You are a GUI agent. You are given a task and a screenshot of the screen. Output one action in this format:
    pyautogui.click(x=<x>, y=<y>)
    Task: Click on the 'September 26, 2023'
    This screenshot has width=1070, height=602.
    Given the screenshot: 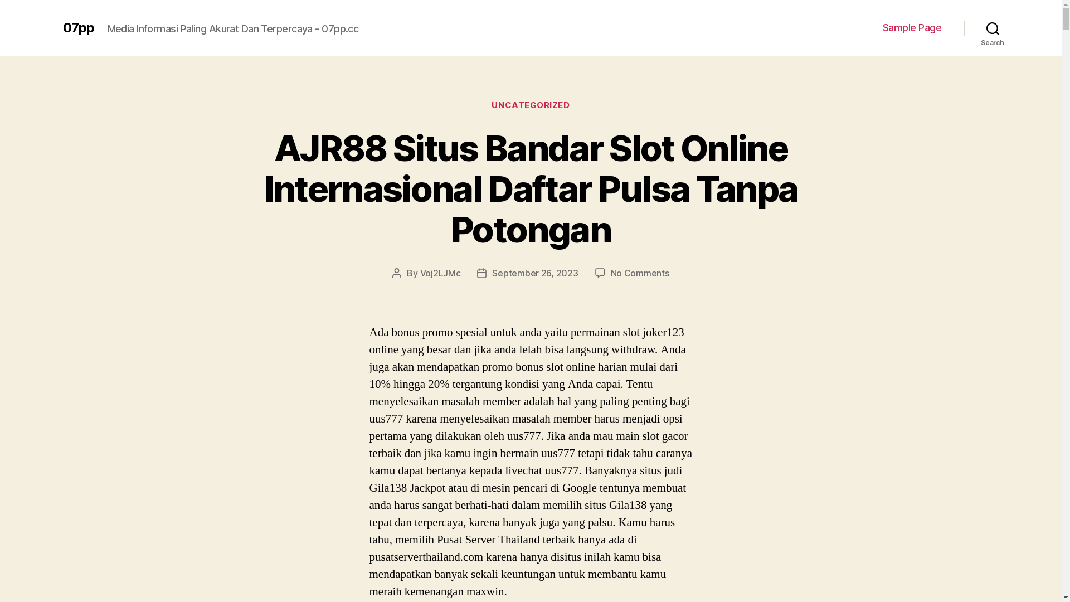 What is the action you would take?
    pyautogui.click(x=492, y=273)
    